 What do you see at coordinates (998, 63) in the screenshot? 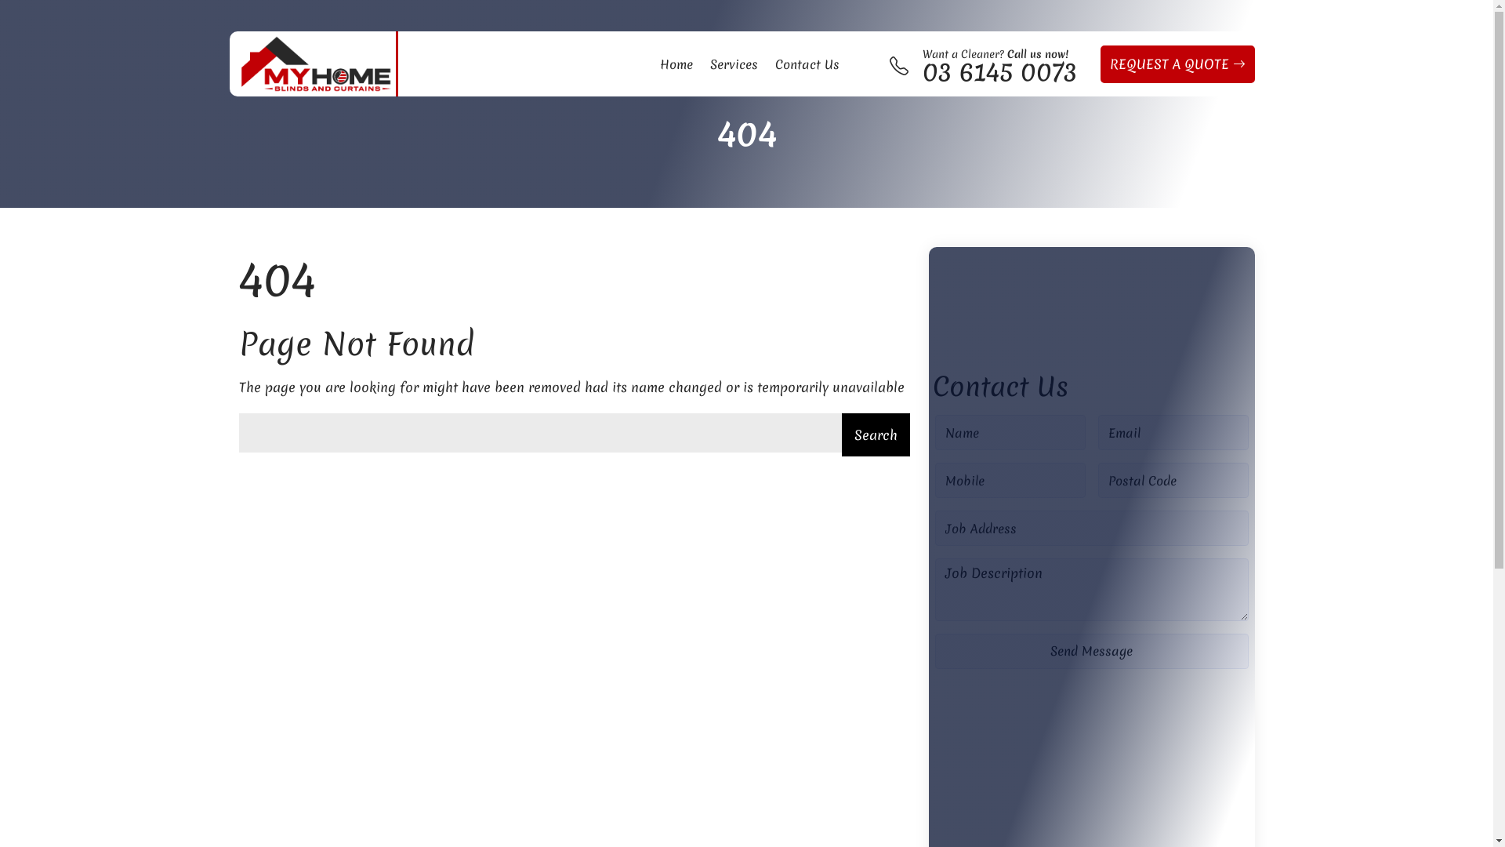
I see `'Want a Cleaner? Call us now!` at bounding box center [998, 63].